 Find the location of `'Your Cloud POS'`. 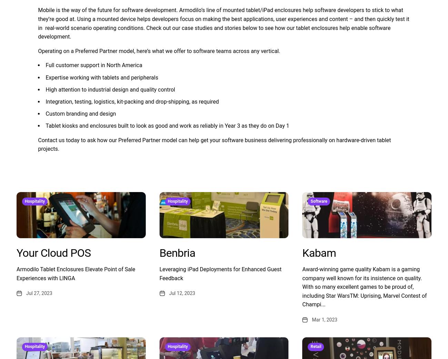

'Your Cloud POS' is located at coordinates (53, 252).